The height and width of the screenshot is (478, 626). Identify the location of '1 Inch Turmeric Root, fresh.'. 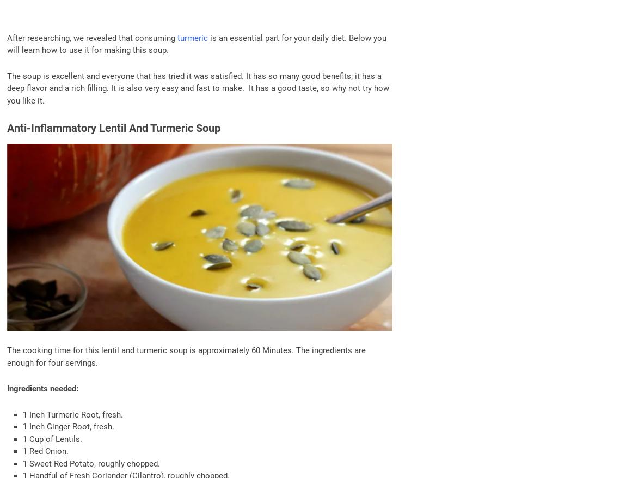
(72, 414).